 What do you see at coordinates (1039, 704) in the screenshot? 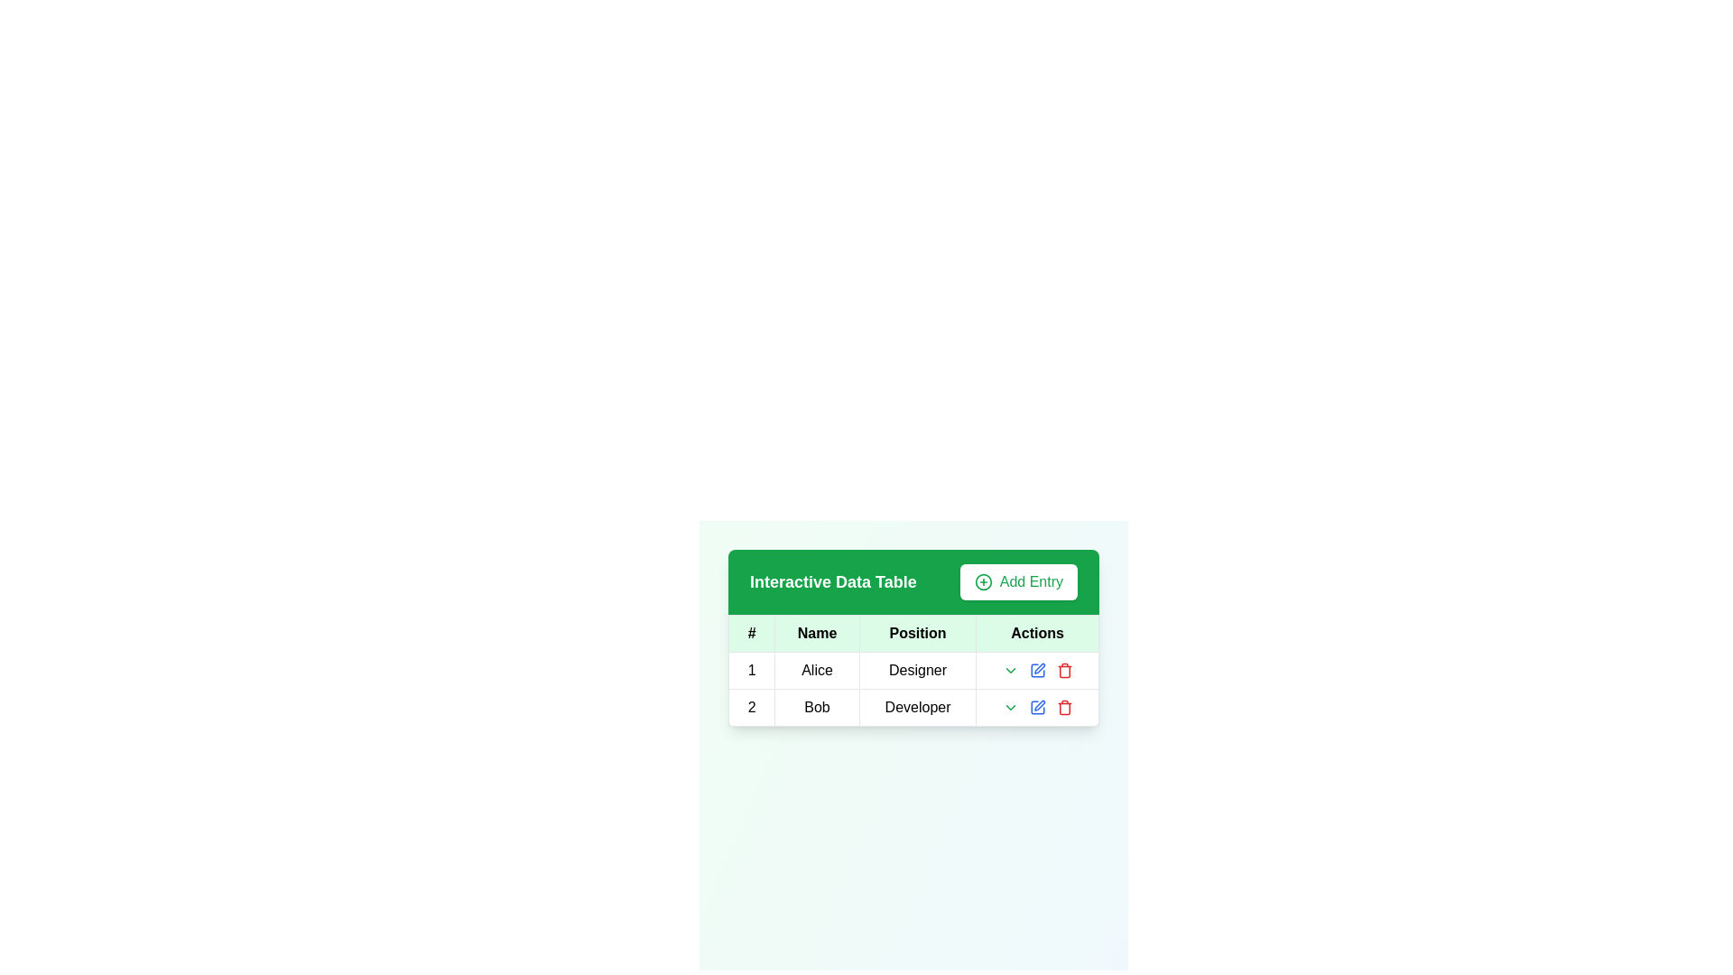
I see `the editing icon, which resembles a minimalist pen or pencil, located in the last column of the data table row` at bounding box center [1039, 704].